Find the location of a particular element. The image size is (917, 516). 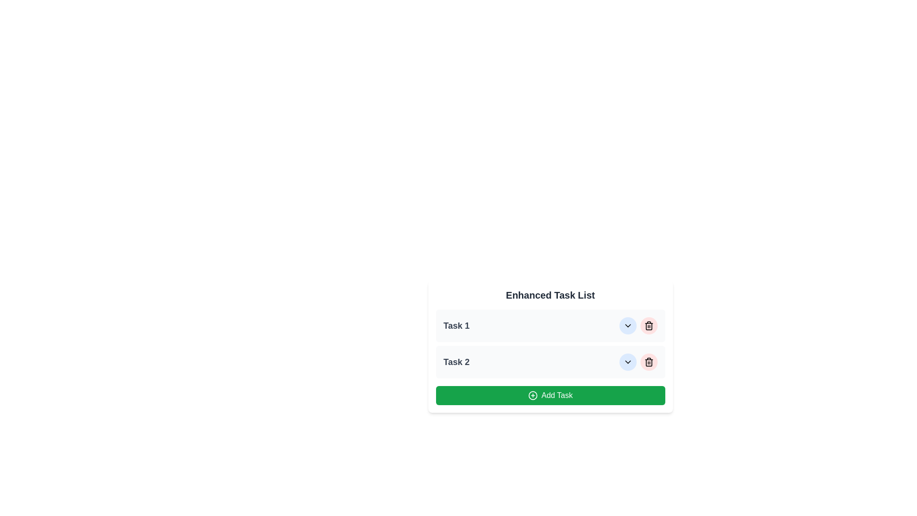

the icon that signifies the action of adding a new task, located inside the 'Add Task' button, to the left of the button's text at the bottom center of the interface is located at coordinates (532, 396).